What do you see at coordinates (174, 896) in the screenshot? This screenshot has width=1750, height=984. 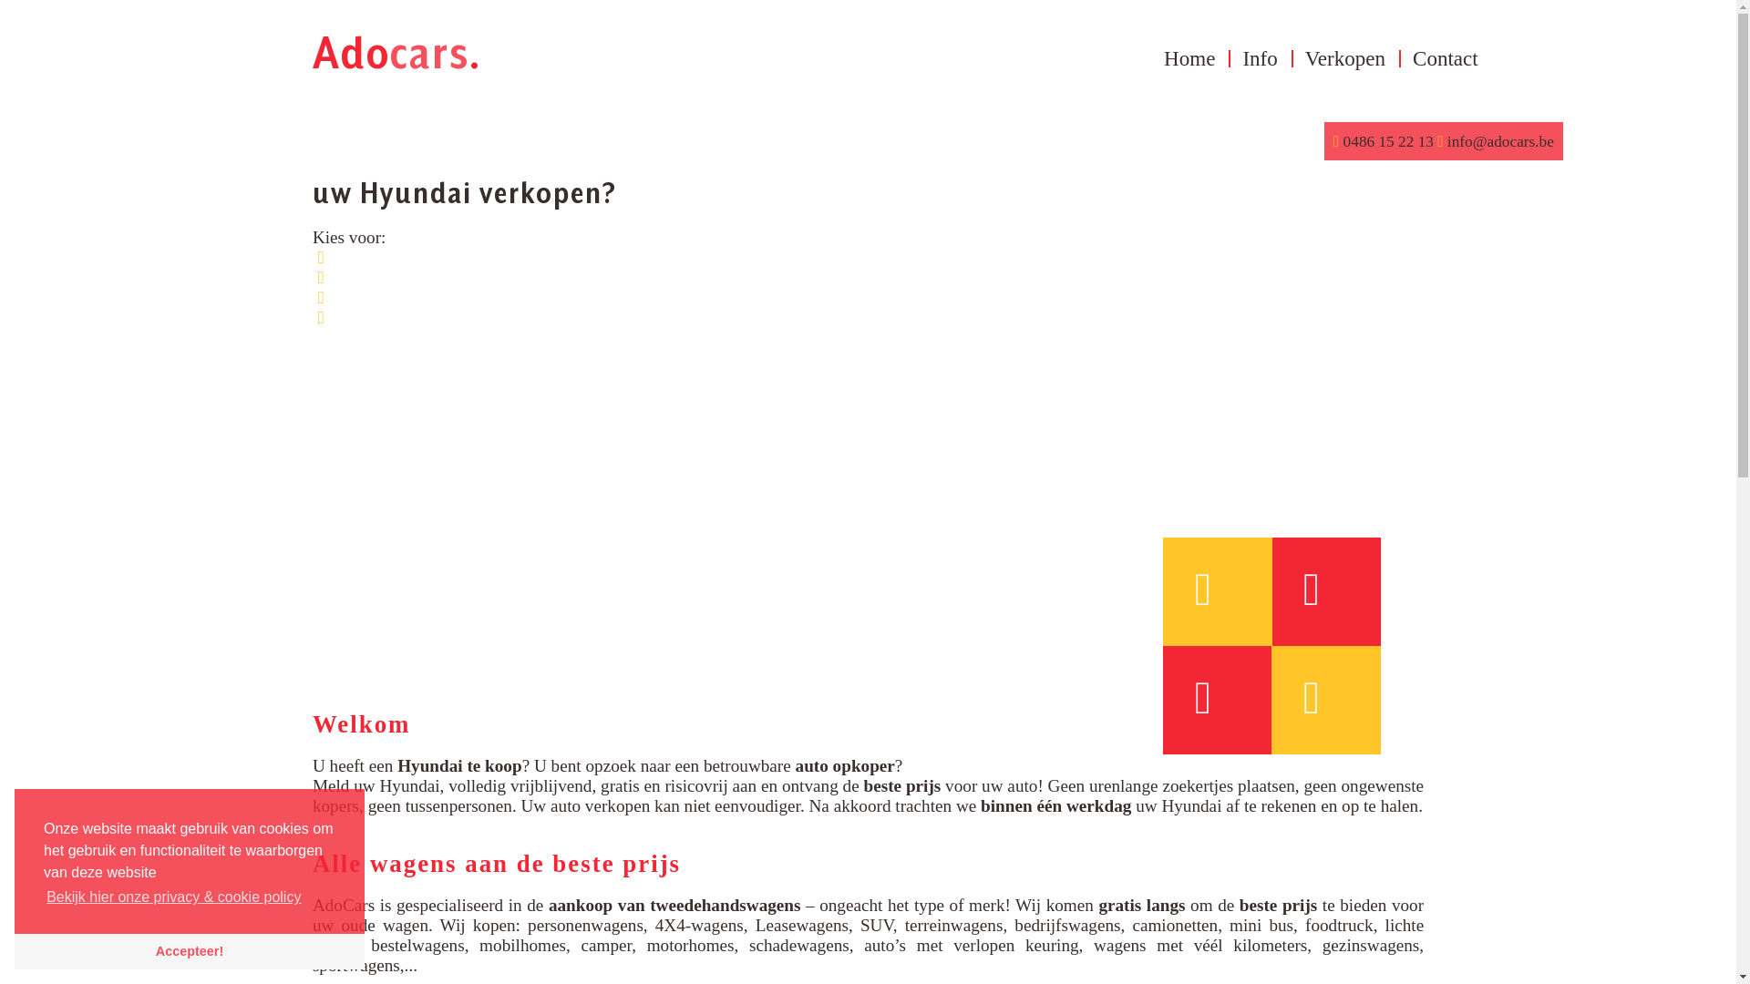 I see `'Bekijk hier onze privacy & cookie policy'` at bounding box center [174, 896].